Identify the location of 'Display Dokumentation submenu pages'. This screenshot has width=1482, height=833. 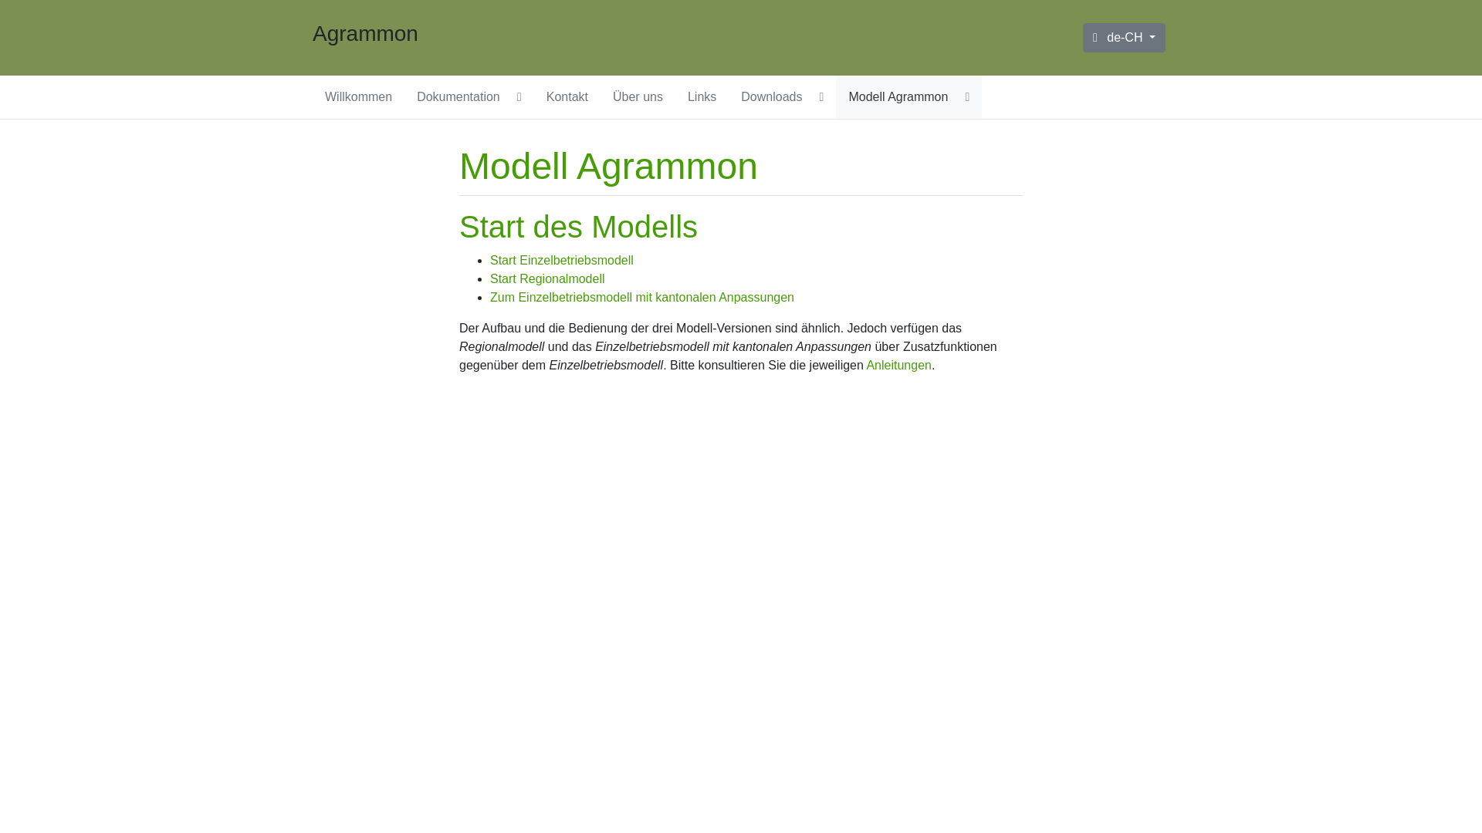
(519, 97).